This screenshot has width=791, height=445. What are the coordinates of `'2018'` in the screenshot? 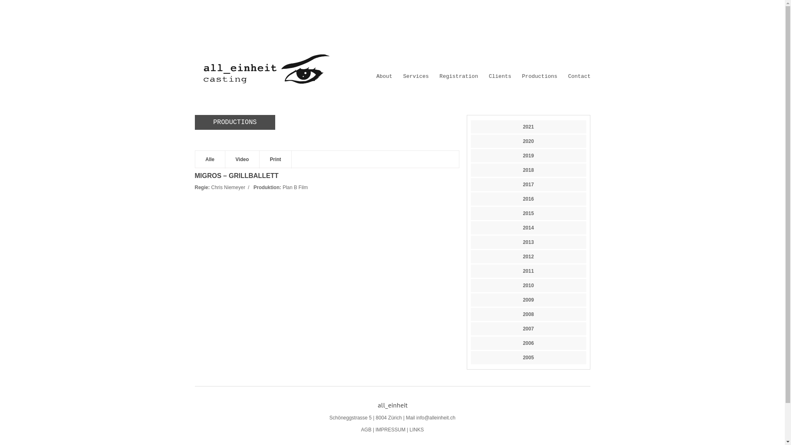 It's located at (528, 169).